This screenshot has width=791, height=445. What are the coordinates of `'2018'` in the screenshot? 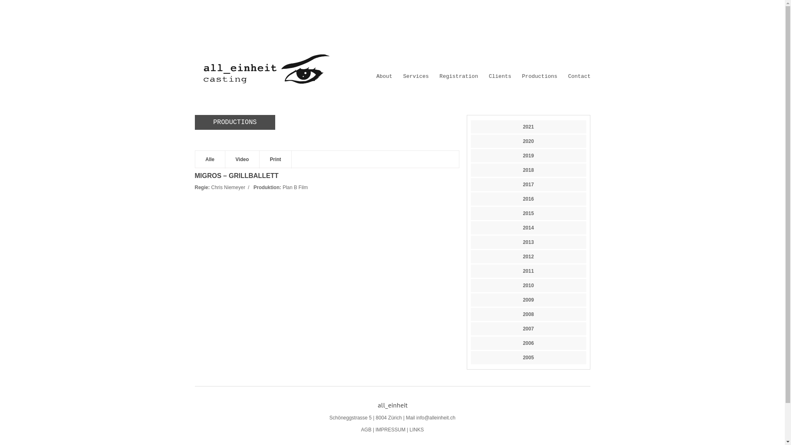 It's located at (528, 169).